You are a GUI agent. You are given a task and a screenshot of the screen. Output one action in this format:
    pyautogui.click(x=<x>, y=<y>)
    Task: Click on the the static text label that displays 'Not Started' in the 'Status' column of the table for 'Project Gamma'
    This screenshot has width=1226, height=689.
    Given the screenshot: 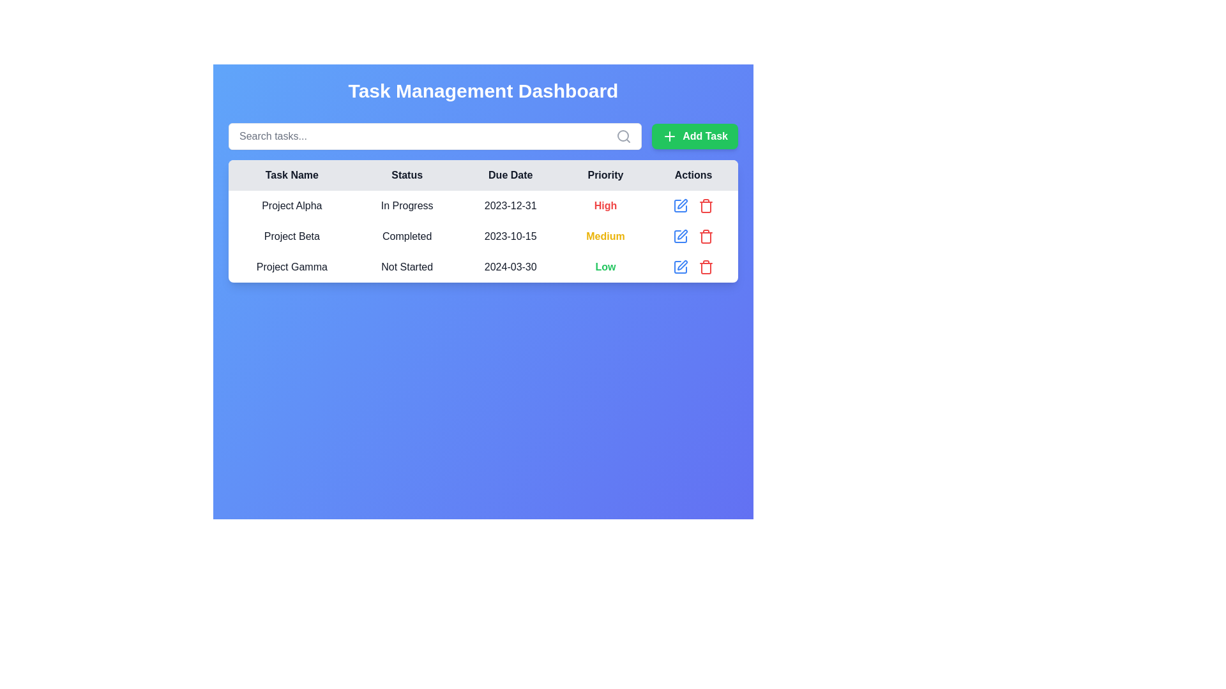 What is the action you would take?
    pyautogui.click(x=406, y=267)
    